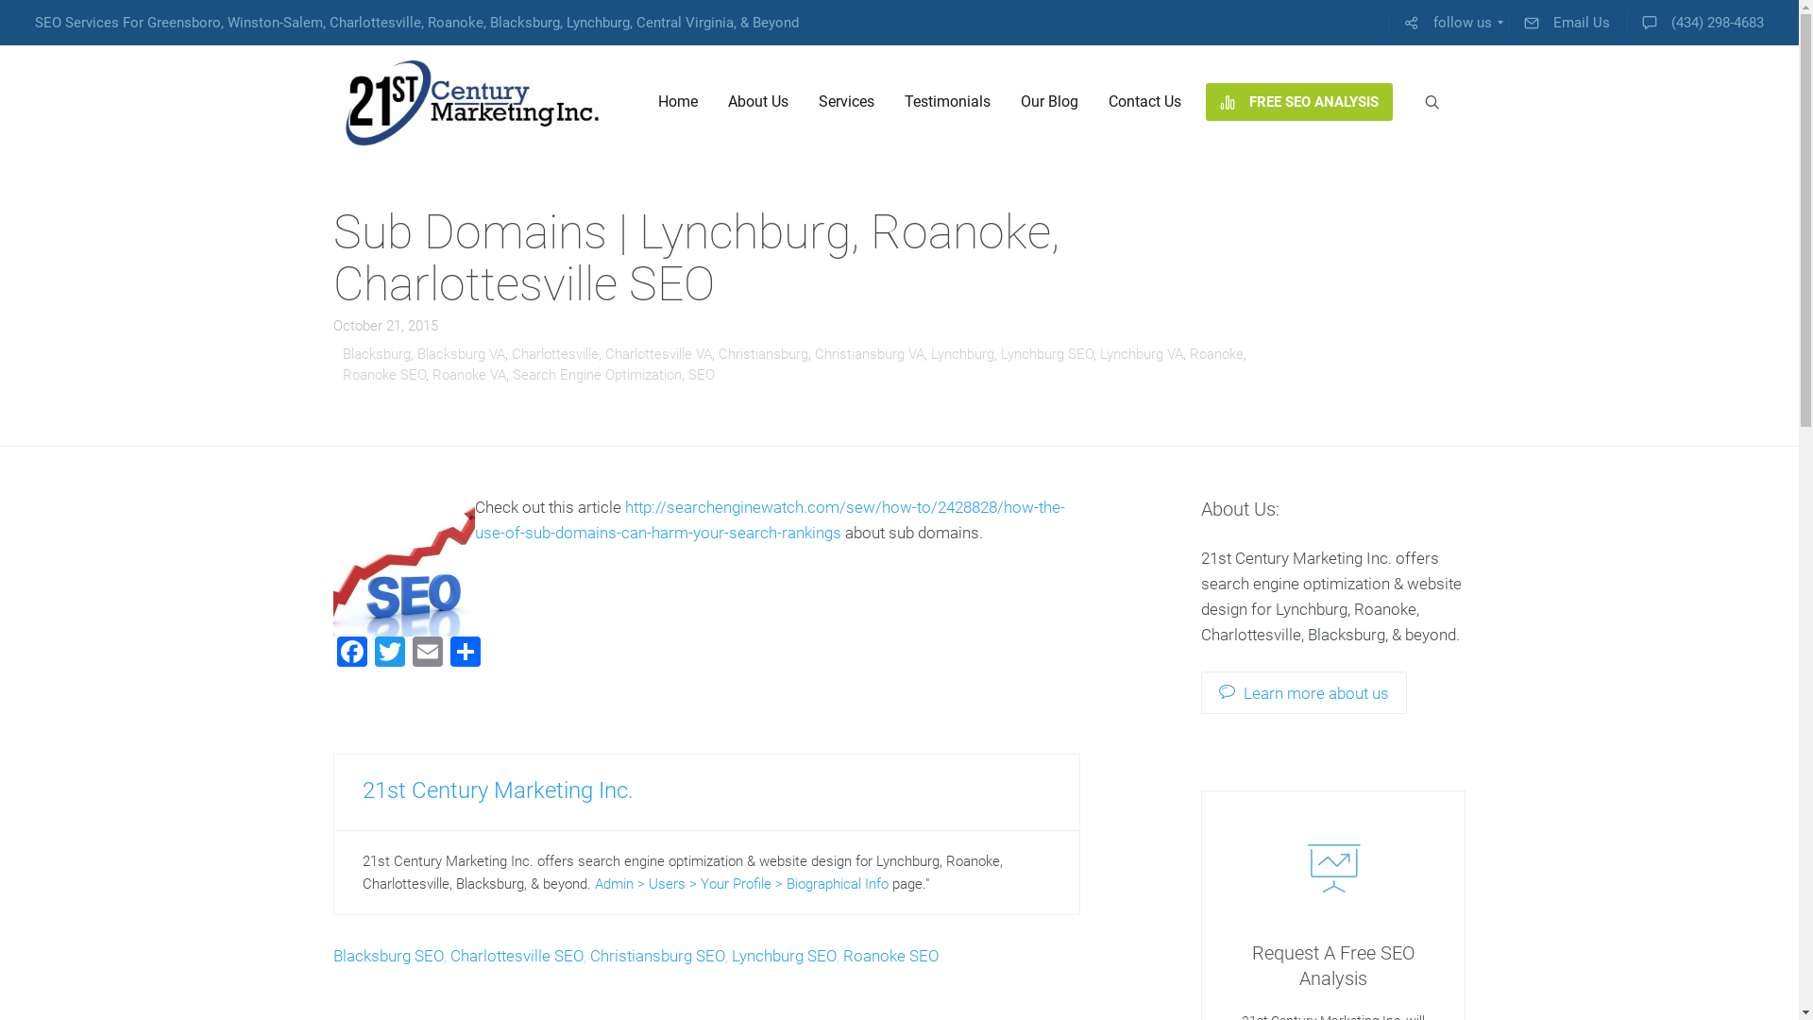  What do you see at coordinates (868, 353) in the screenshot?
I see `'Christiansburg VA'` at bounding box center [868, 353].